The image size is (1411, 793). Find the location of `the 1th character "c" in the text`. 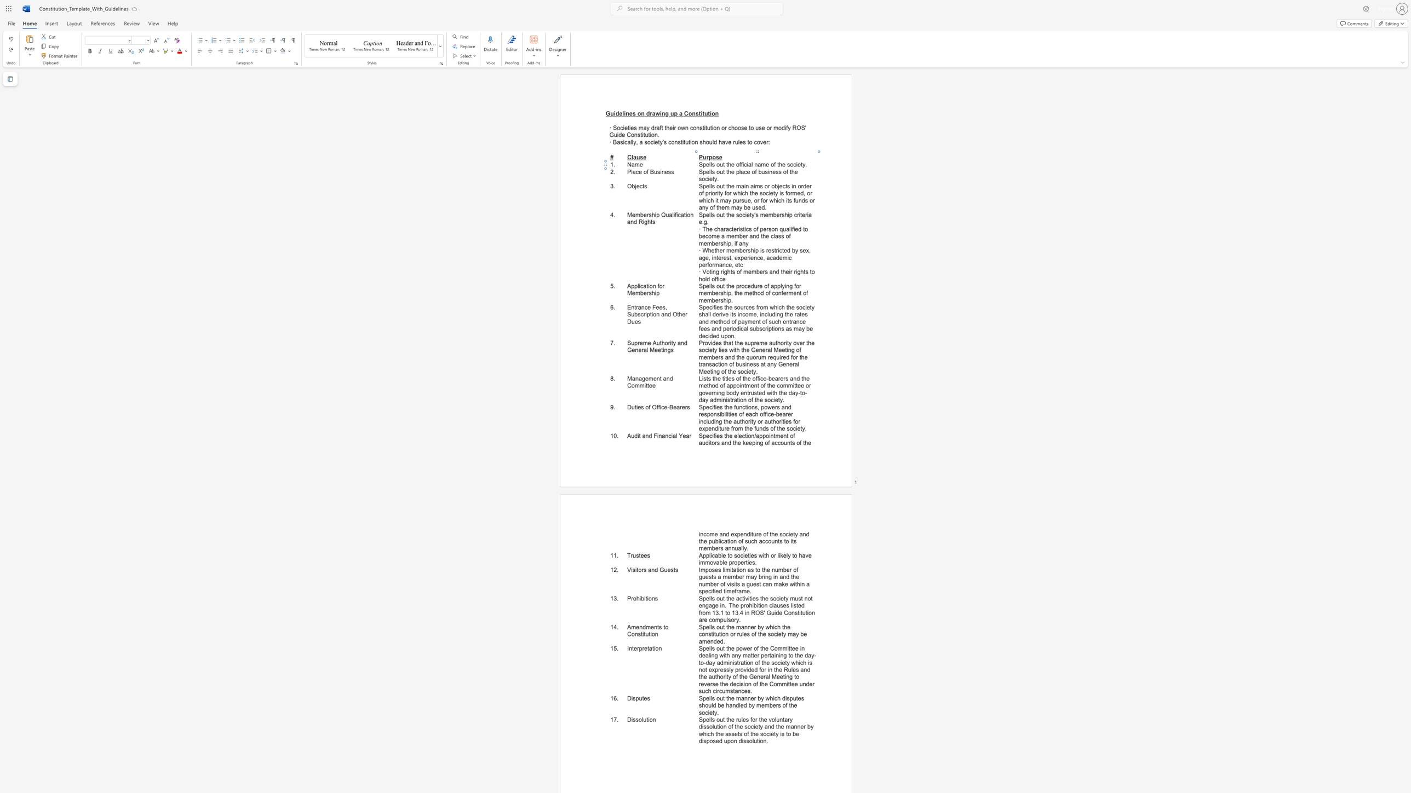

the 1th character "c" in the text is located at coordinates (745, 171).